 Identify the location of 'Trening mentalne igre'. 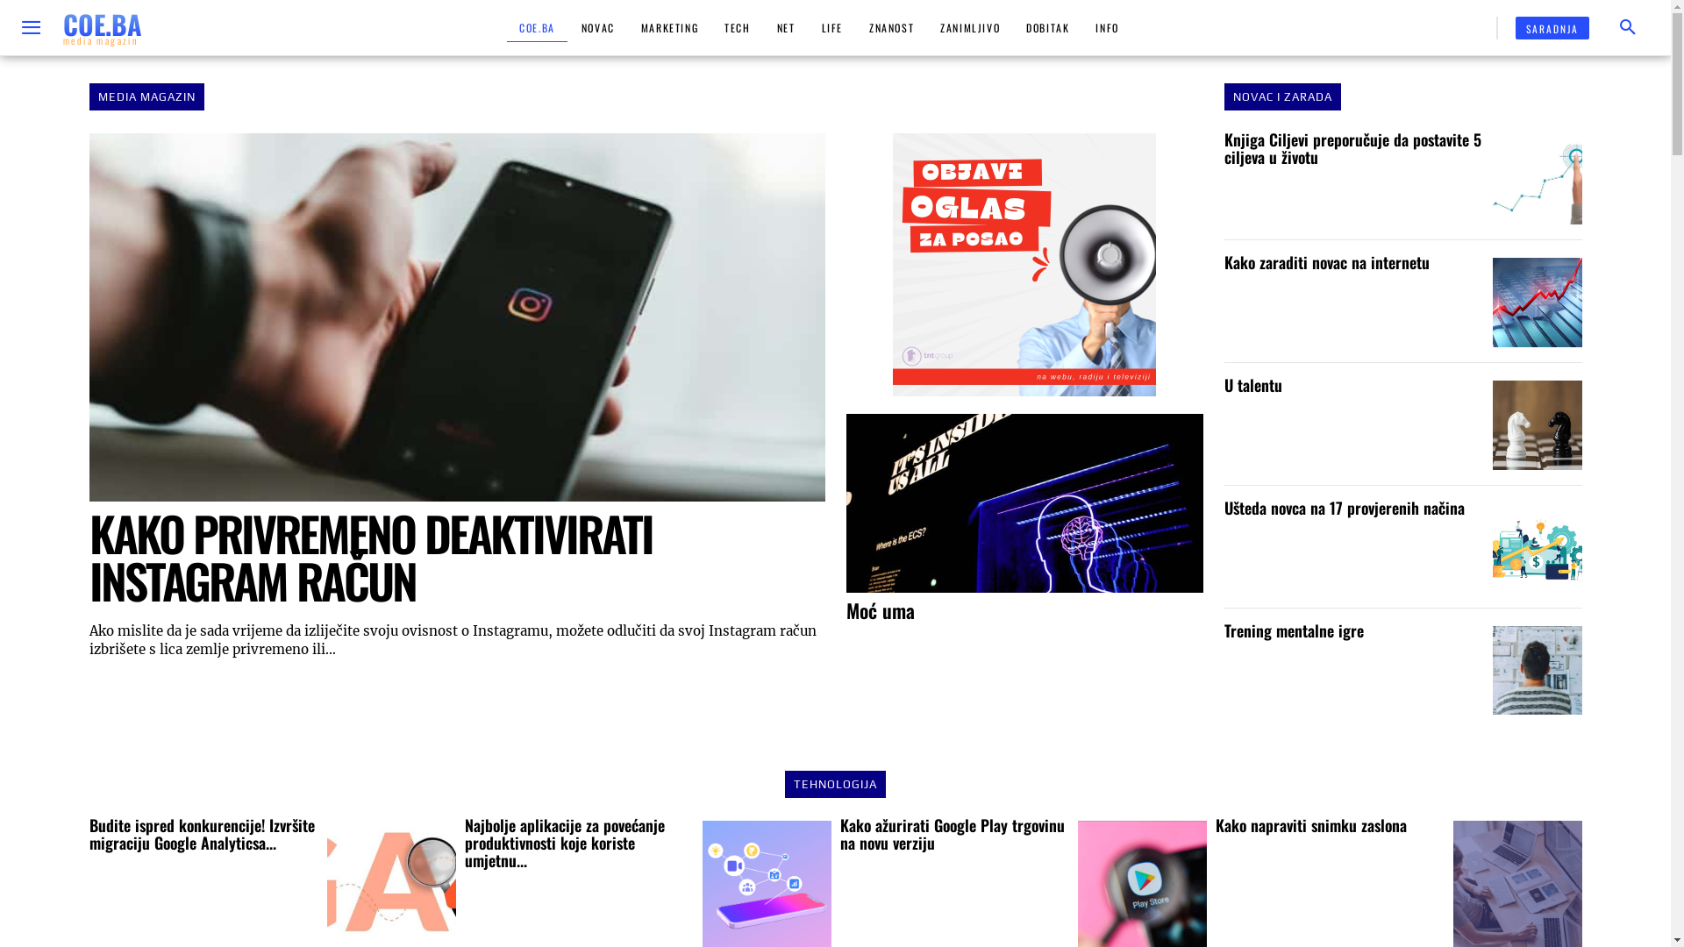
(1536, 670).